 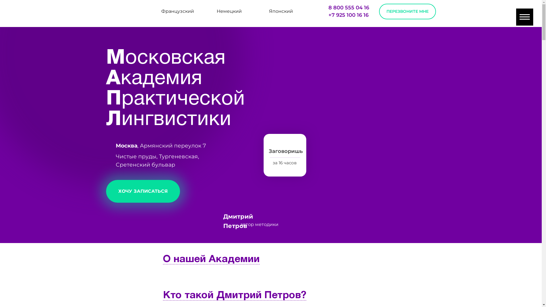 What do you see at coordinates (348, 8) in the screenshot?
I see `'8 800 555 04 16'` at bounding box center [348, 8].